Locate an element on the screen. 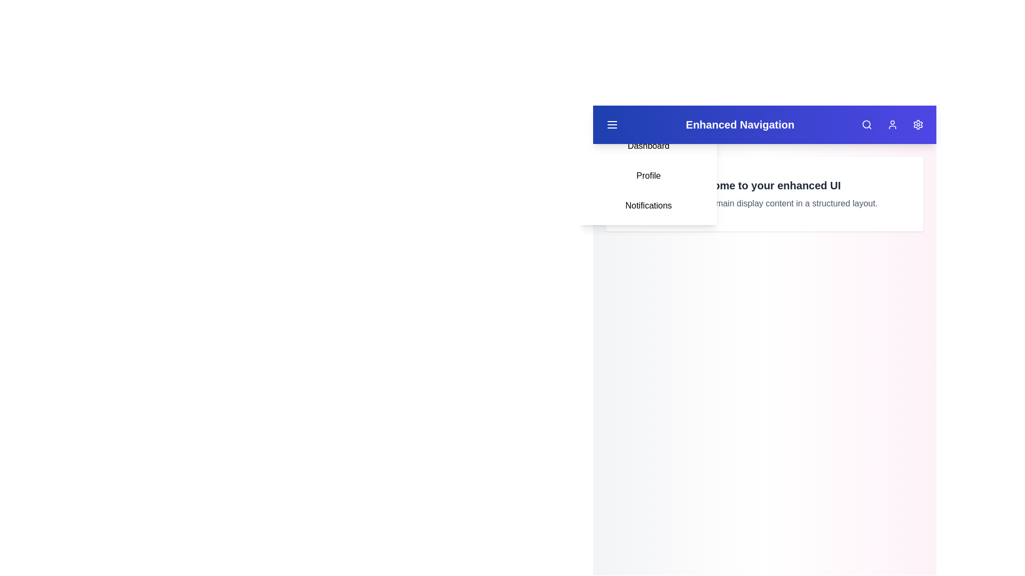  the 'Dashboard' option in the menu to navigate to the Dashboard section is located at coordinates (648, 146).